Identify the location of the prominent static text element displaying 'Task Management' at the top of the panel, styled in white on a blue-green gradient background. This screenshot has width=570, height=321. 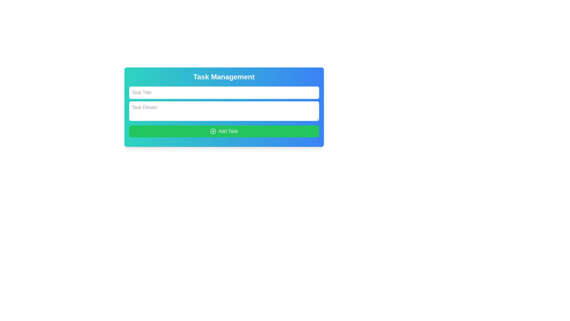
(224, 76).